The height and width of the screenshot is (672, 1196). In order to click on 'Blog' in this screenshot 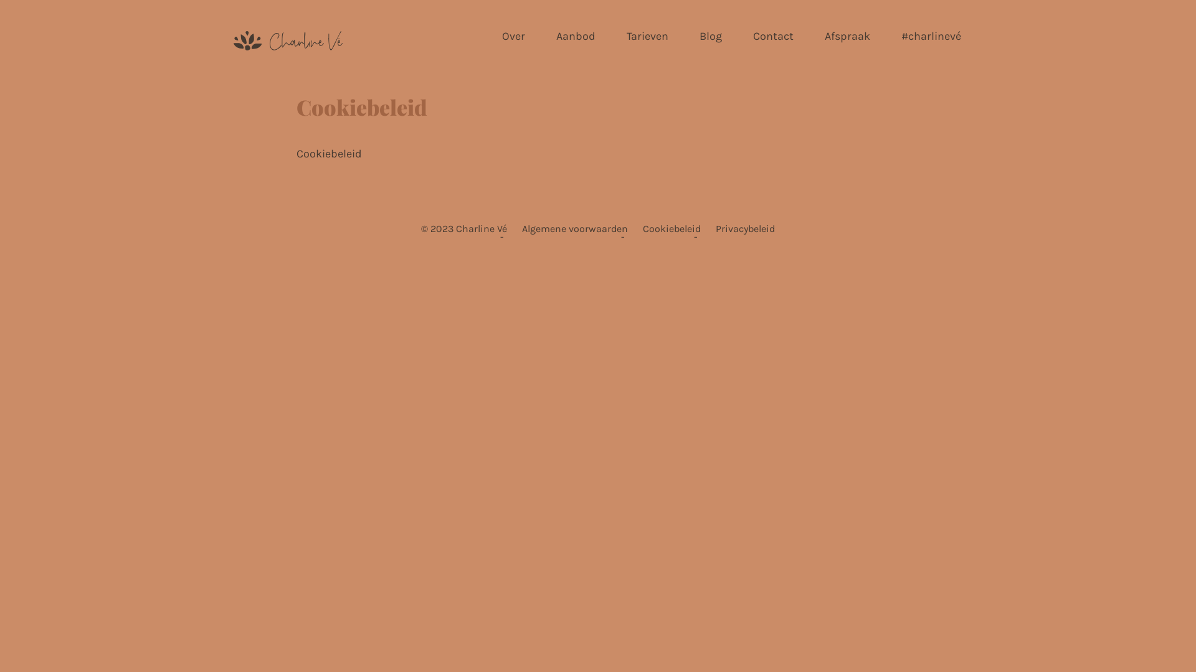, I will do `click(711, 35)`.